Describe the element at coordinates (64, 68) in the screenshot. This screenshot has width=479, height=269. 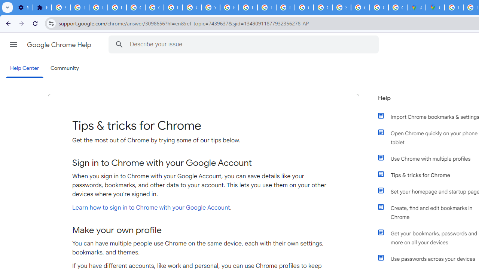
I see `'Community'` at that location.